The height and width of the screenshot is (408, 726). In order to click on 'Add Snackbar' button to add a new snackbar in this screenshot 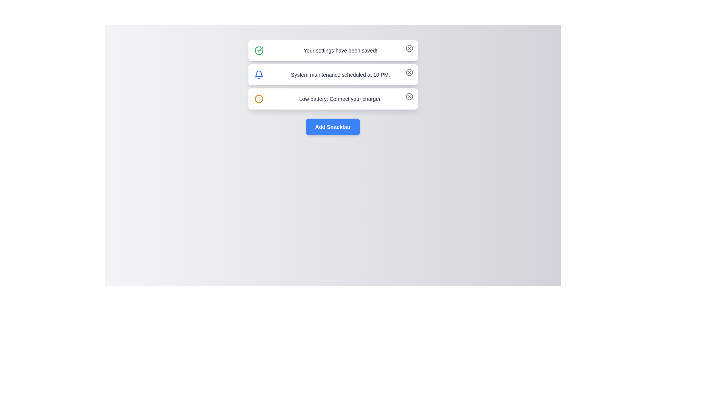, I will do `click(332, 126)`.